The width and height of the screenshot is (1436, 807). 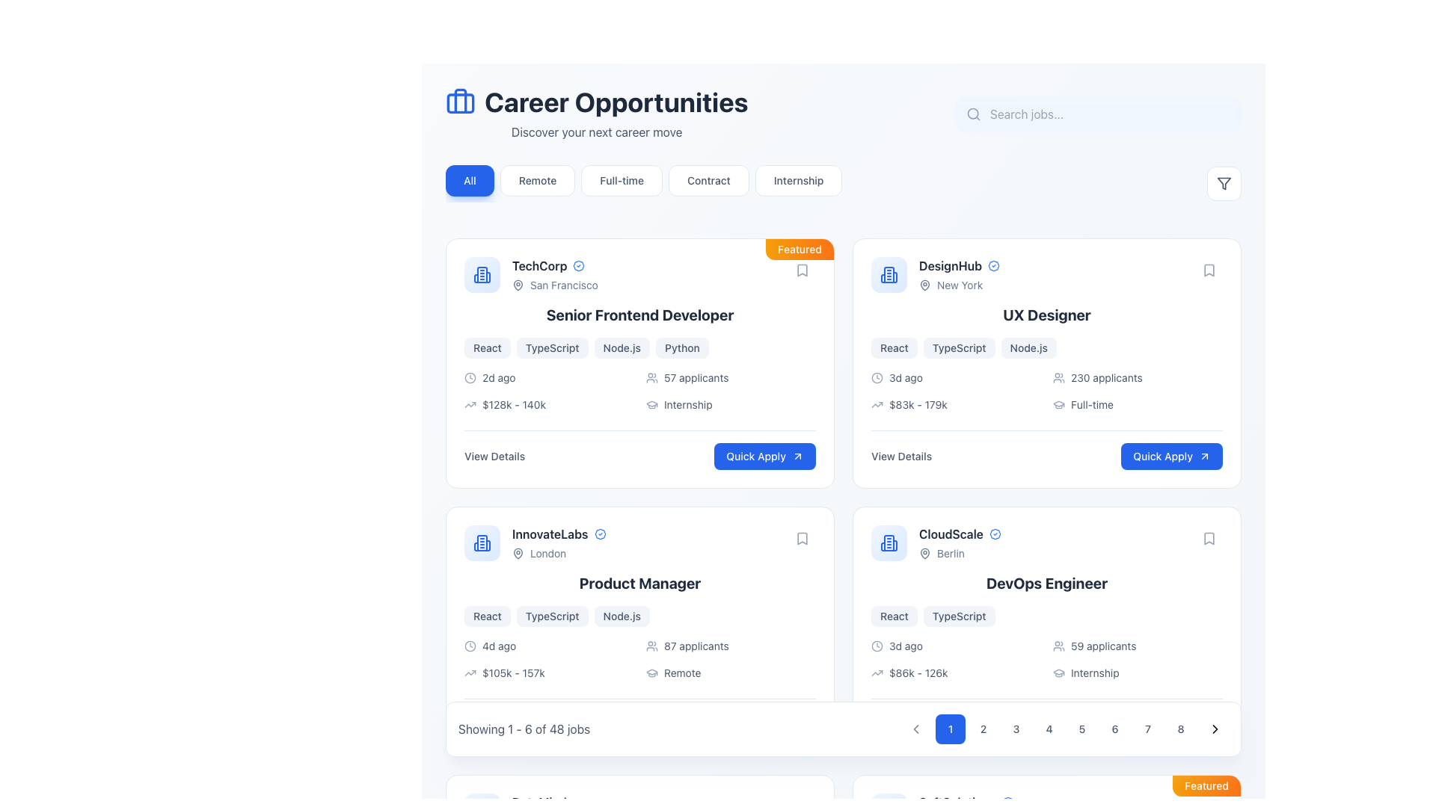 I want to click on status text indicating the range of job listings displayed out of the total available listings located at the bottom left section of the page, so click(x=524, y=728).